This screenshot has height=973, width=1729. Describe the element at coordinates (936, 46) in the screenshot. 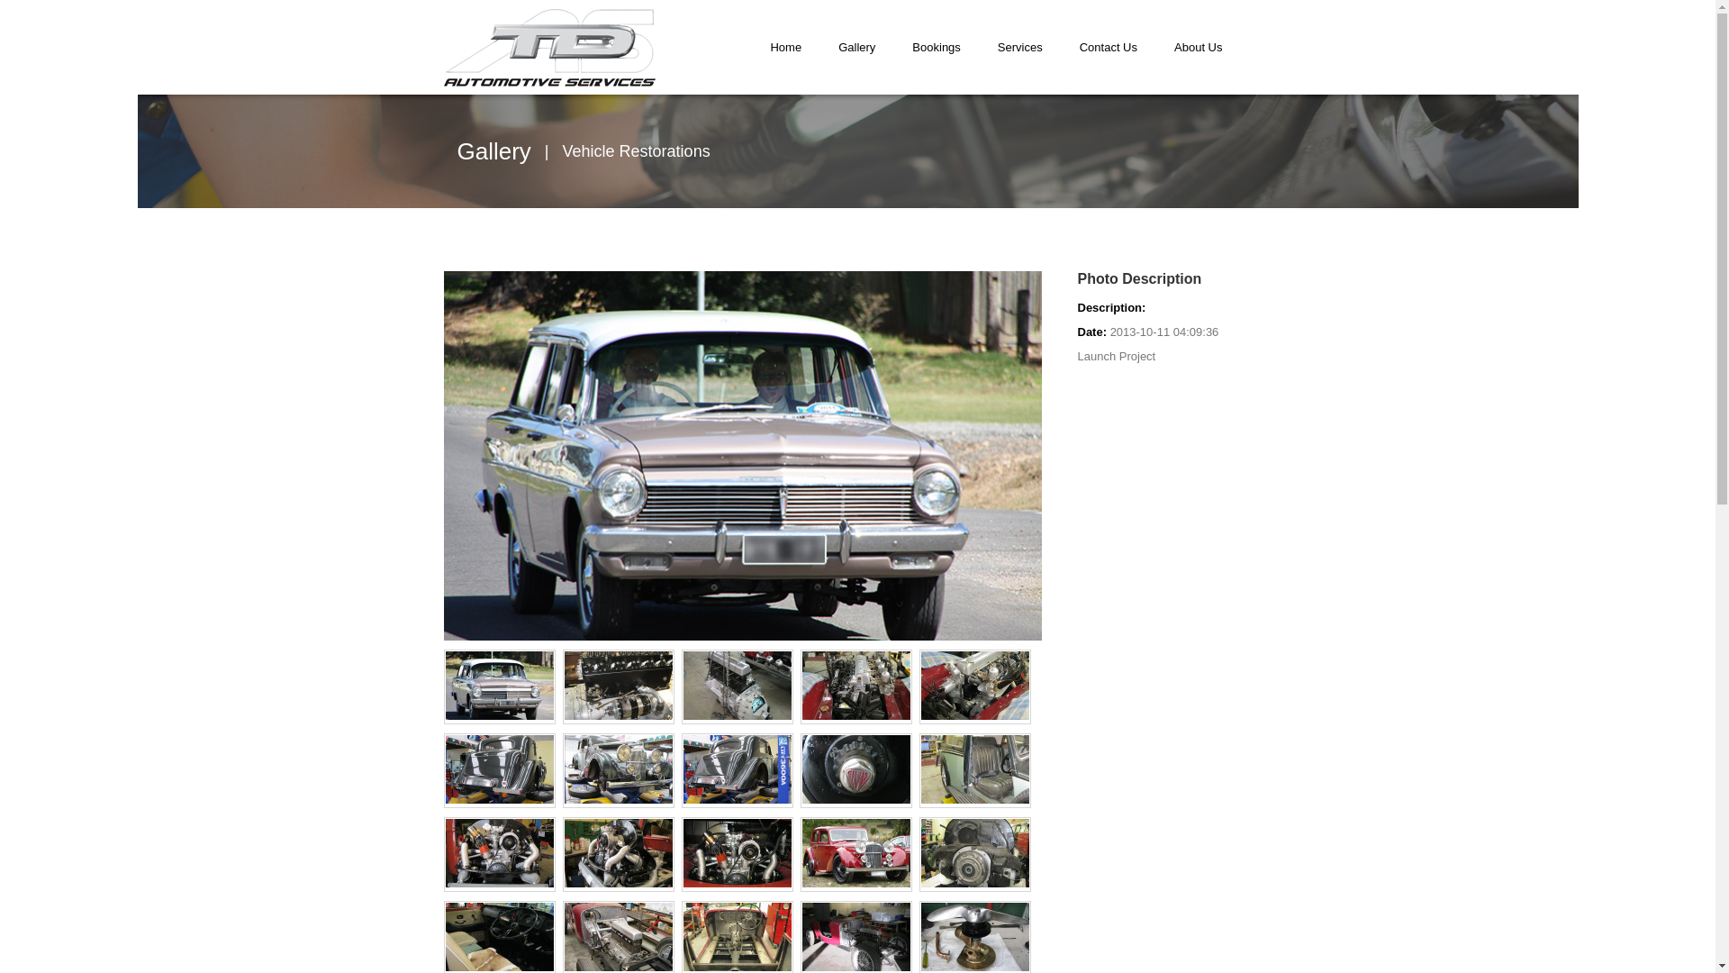

I see `'Bookings'` at that location.